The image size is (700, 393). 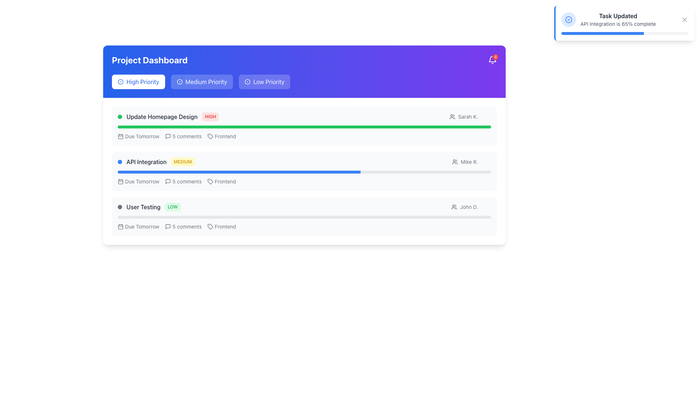 I want to click on the graphical tag icon located in the notification section of the interface on the right-hand side, so click(x=210, y=226).